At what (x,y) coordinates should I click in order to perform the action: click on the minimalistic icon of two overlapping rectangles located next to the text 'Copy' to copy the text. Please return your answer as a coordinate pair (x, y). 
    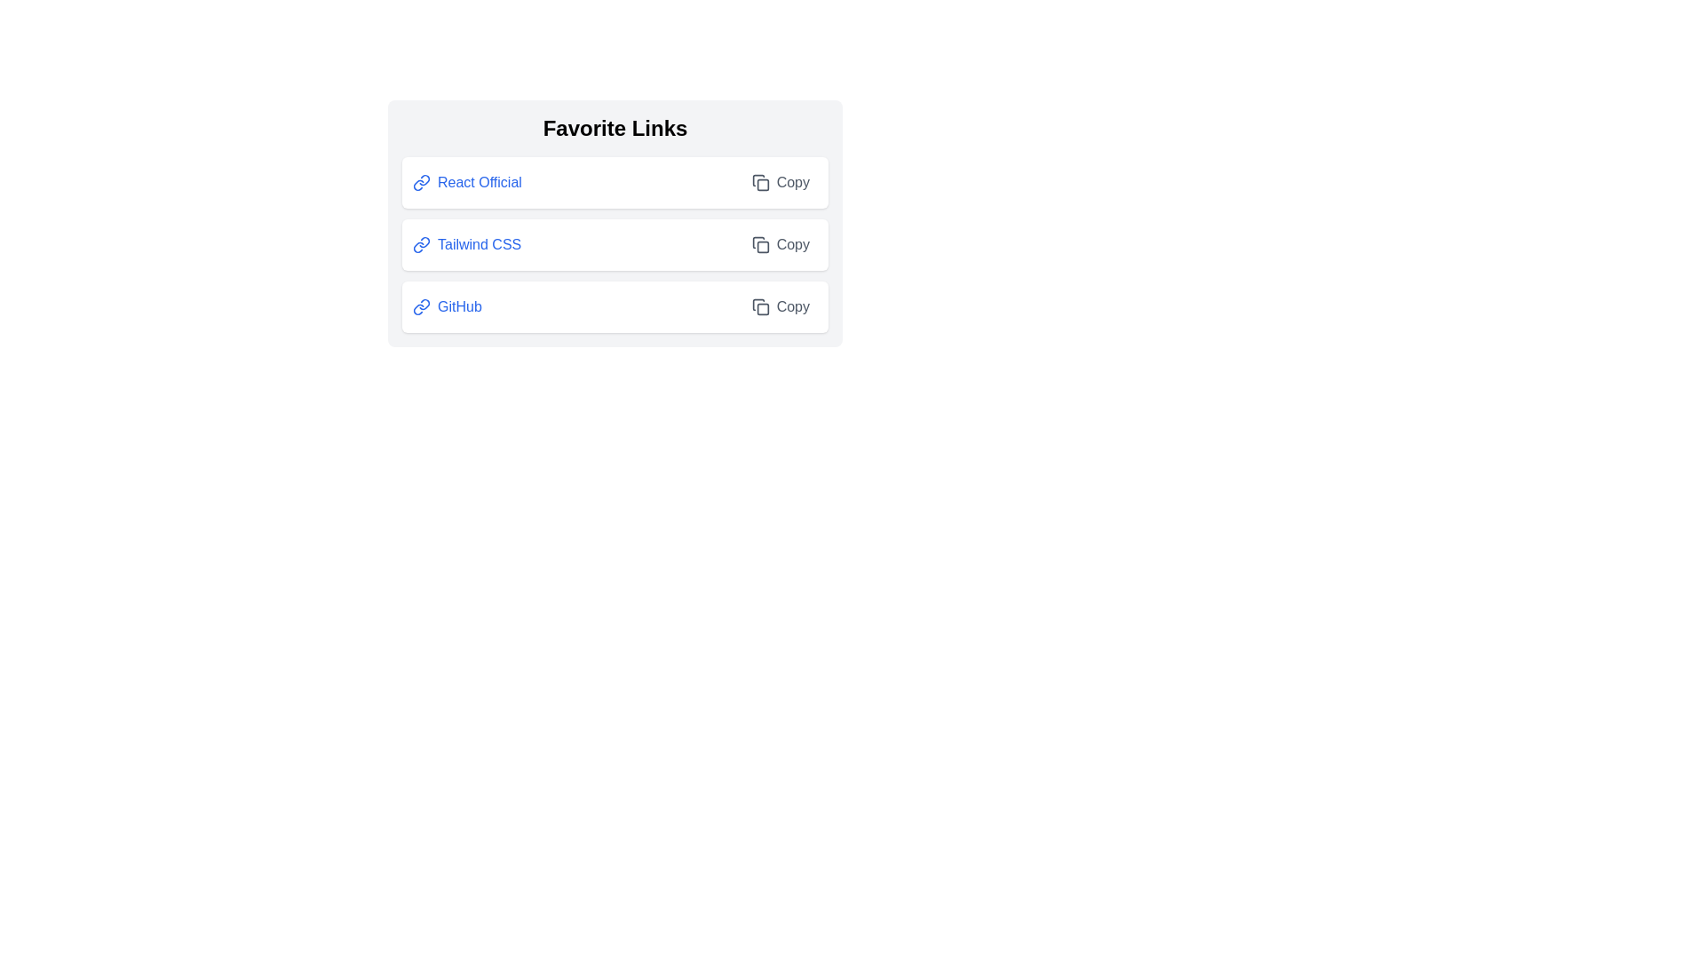
    Looking at the image, I should click on (760, 245).